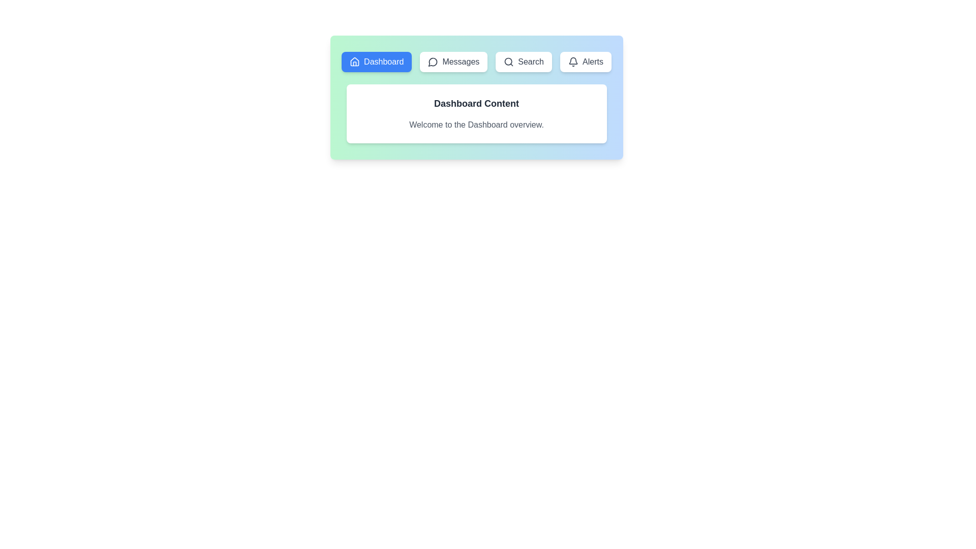 This screenshot has height=549, width=976. What do you see at coordinates (376, 62) in the screenshot?
I see `the tab labeled Dashboard to view its content` at bounding box center [376, 62].